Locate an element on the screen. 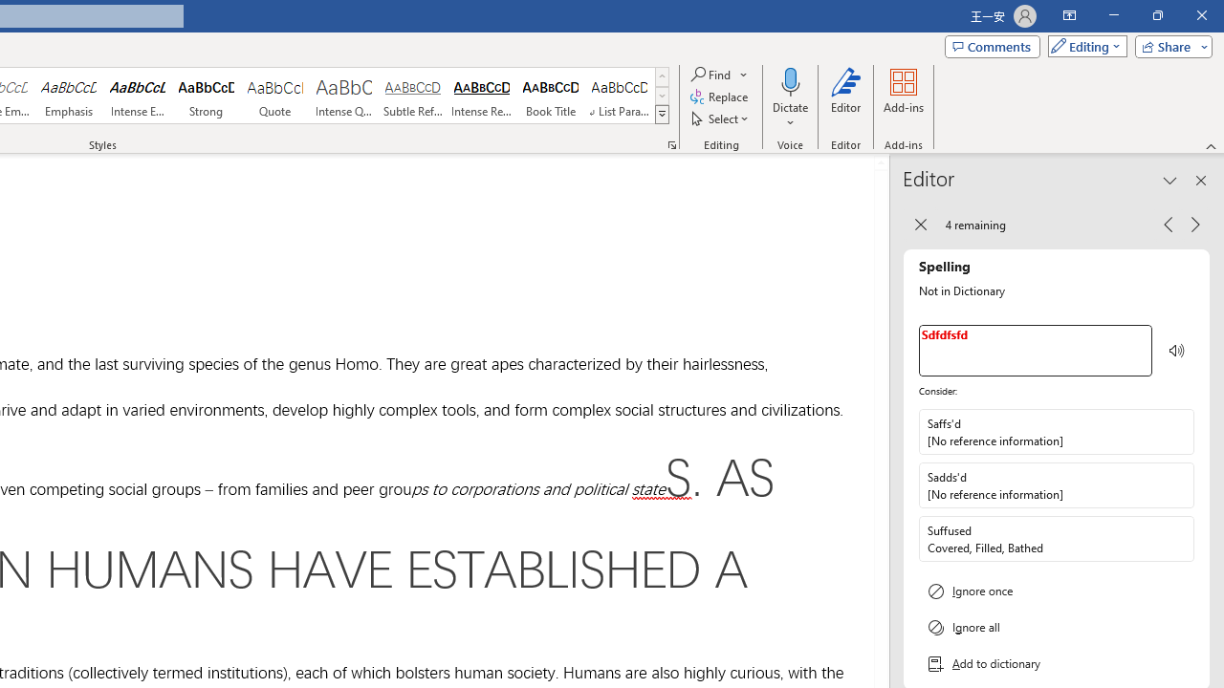  'Intense Reference' is located at coordinates (482, 96).